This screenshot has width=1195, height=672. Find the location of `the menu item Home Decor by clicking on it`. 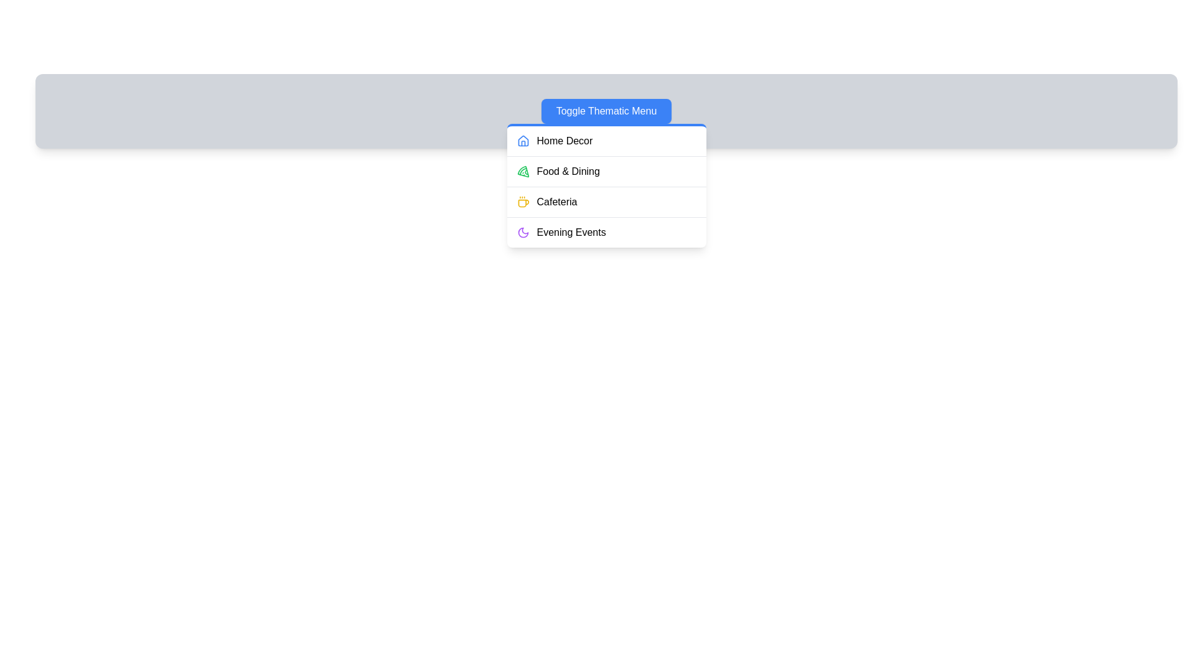

the menu item Home Decor by clicking on it is located at coordinates (606, 141).